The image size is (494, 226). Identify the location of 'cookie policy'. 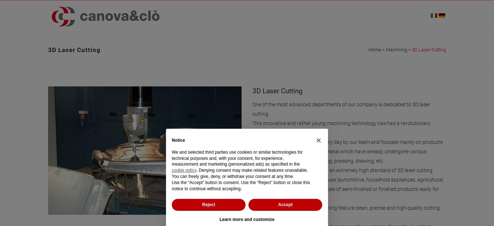
(184, 170).